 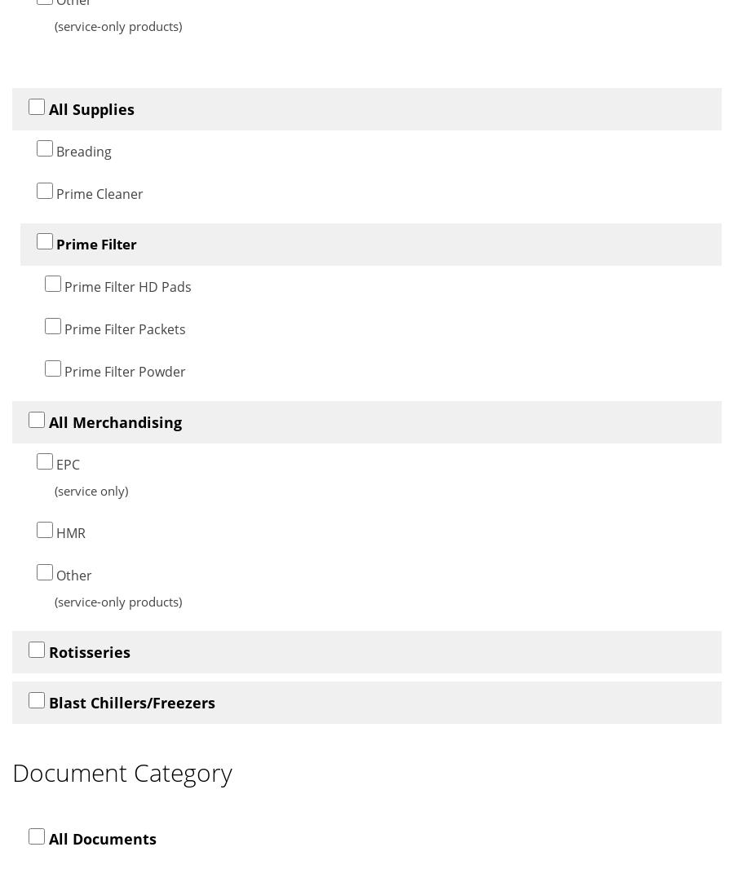 What do you see at coordinates (11, 771) in the screenshot?
I see `'Document Category'` at bounding box center [11, 771].